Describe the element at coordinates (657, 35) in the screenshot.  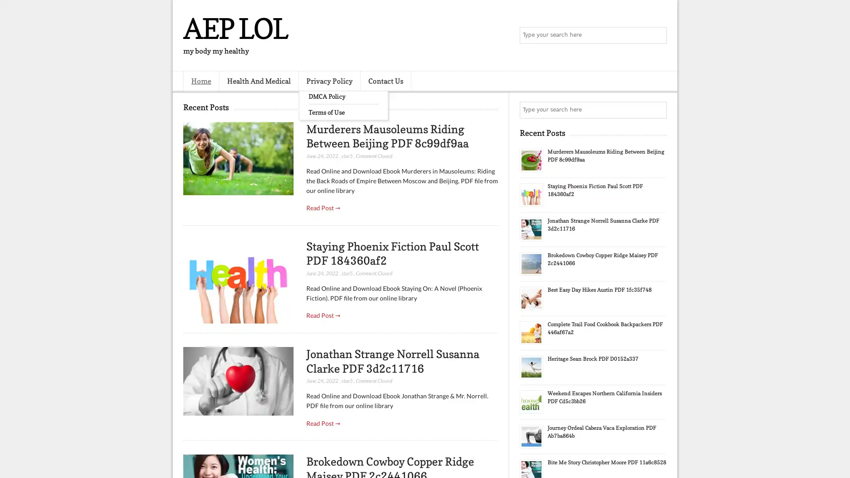
I see `Search` at that location.